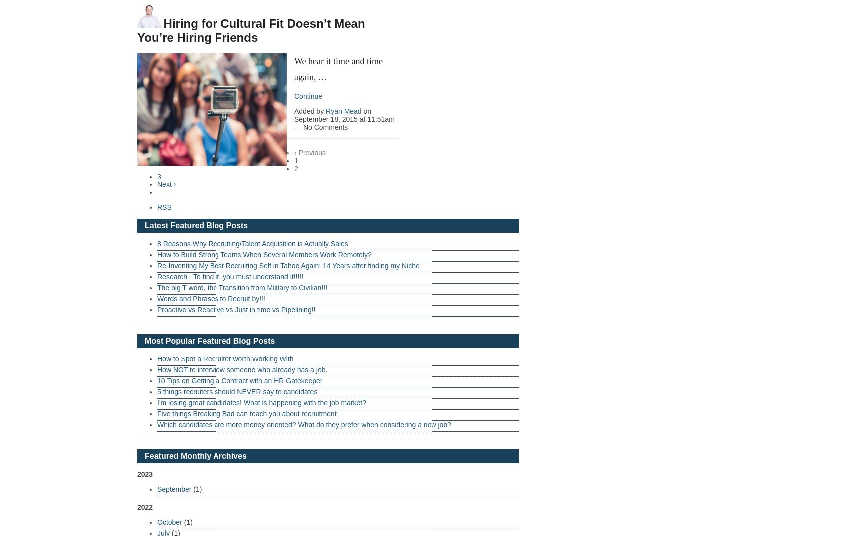 This screenshot has width=864, height=536. What do you see at coordinates (166, 184) in the screenshot?
I see `'Next ›'` at bounding box center [166, 184].